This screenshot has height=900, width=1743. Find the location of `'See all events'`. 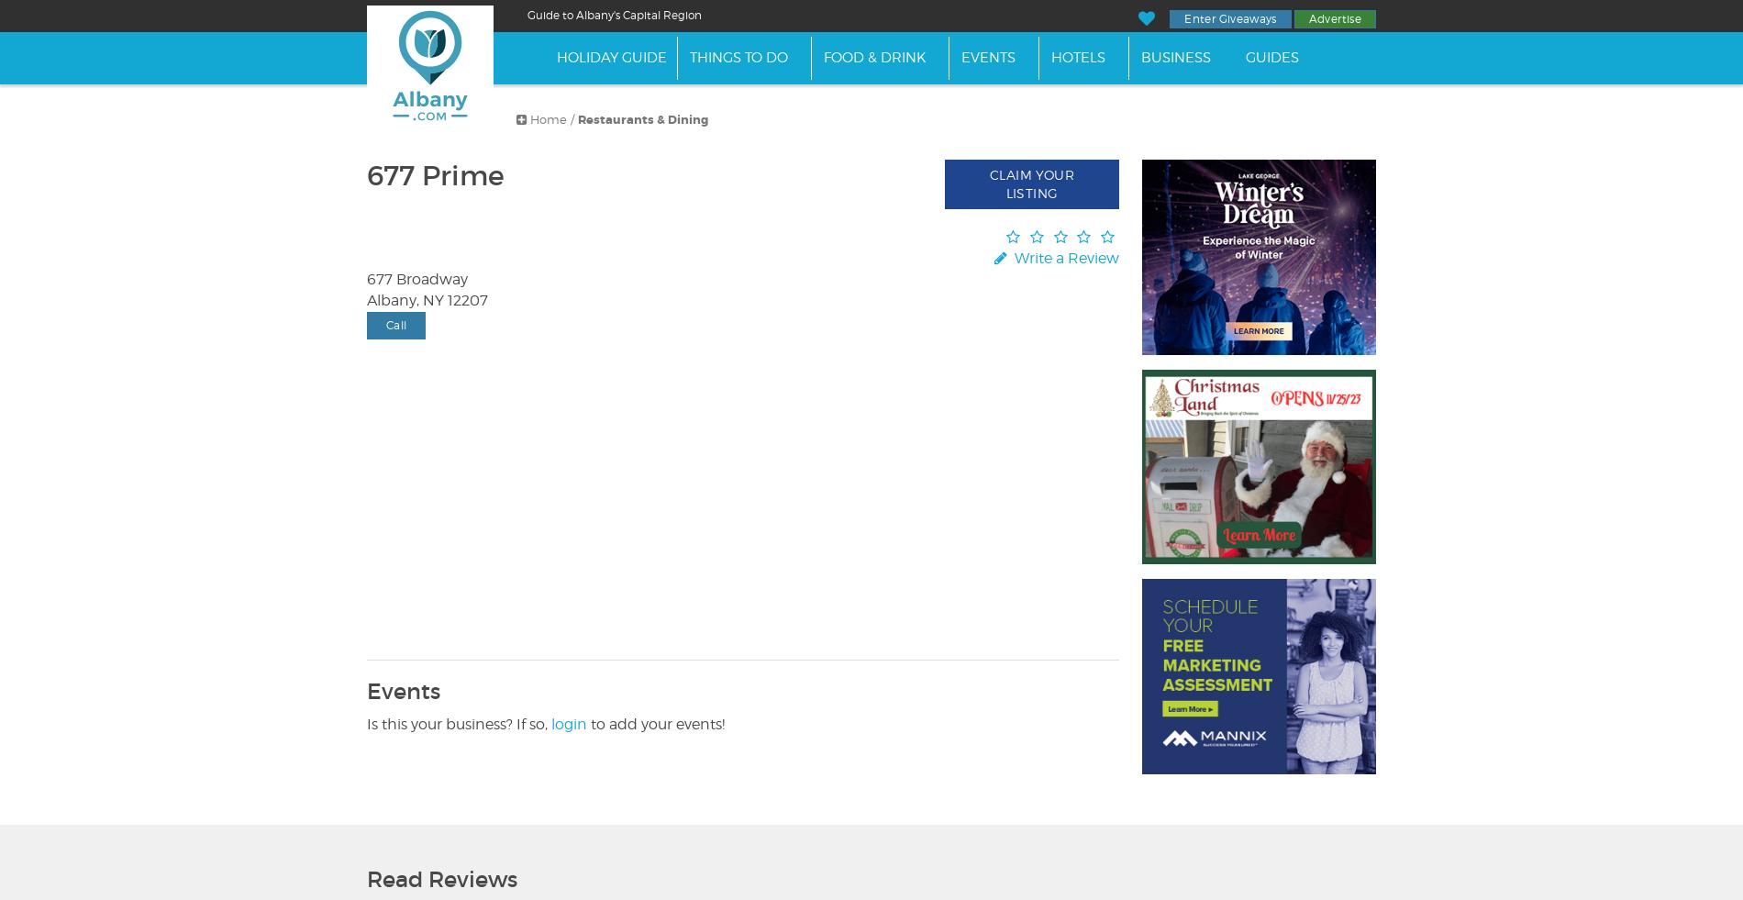

'See all events' is located at coordinates (418, 572).